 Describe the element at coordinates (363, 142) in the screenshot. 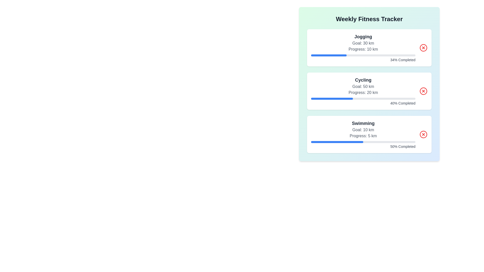

I see `CSS properties of the Progress bar located in the third card labeled 'Swimming', which visually represents progress towards a goal and is situated between the goal text and the completion percentage text` at that location.